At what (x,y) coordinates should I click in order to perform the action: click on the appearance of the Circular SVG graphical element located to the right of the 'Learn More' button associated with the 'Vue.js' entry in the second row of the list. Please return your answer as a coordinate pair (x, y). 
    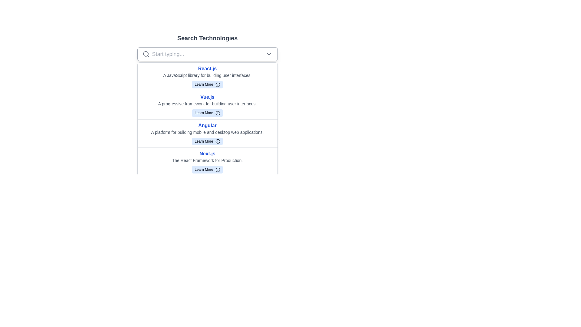
    Looking at the image, I should click on (218, 113).